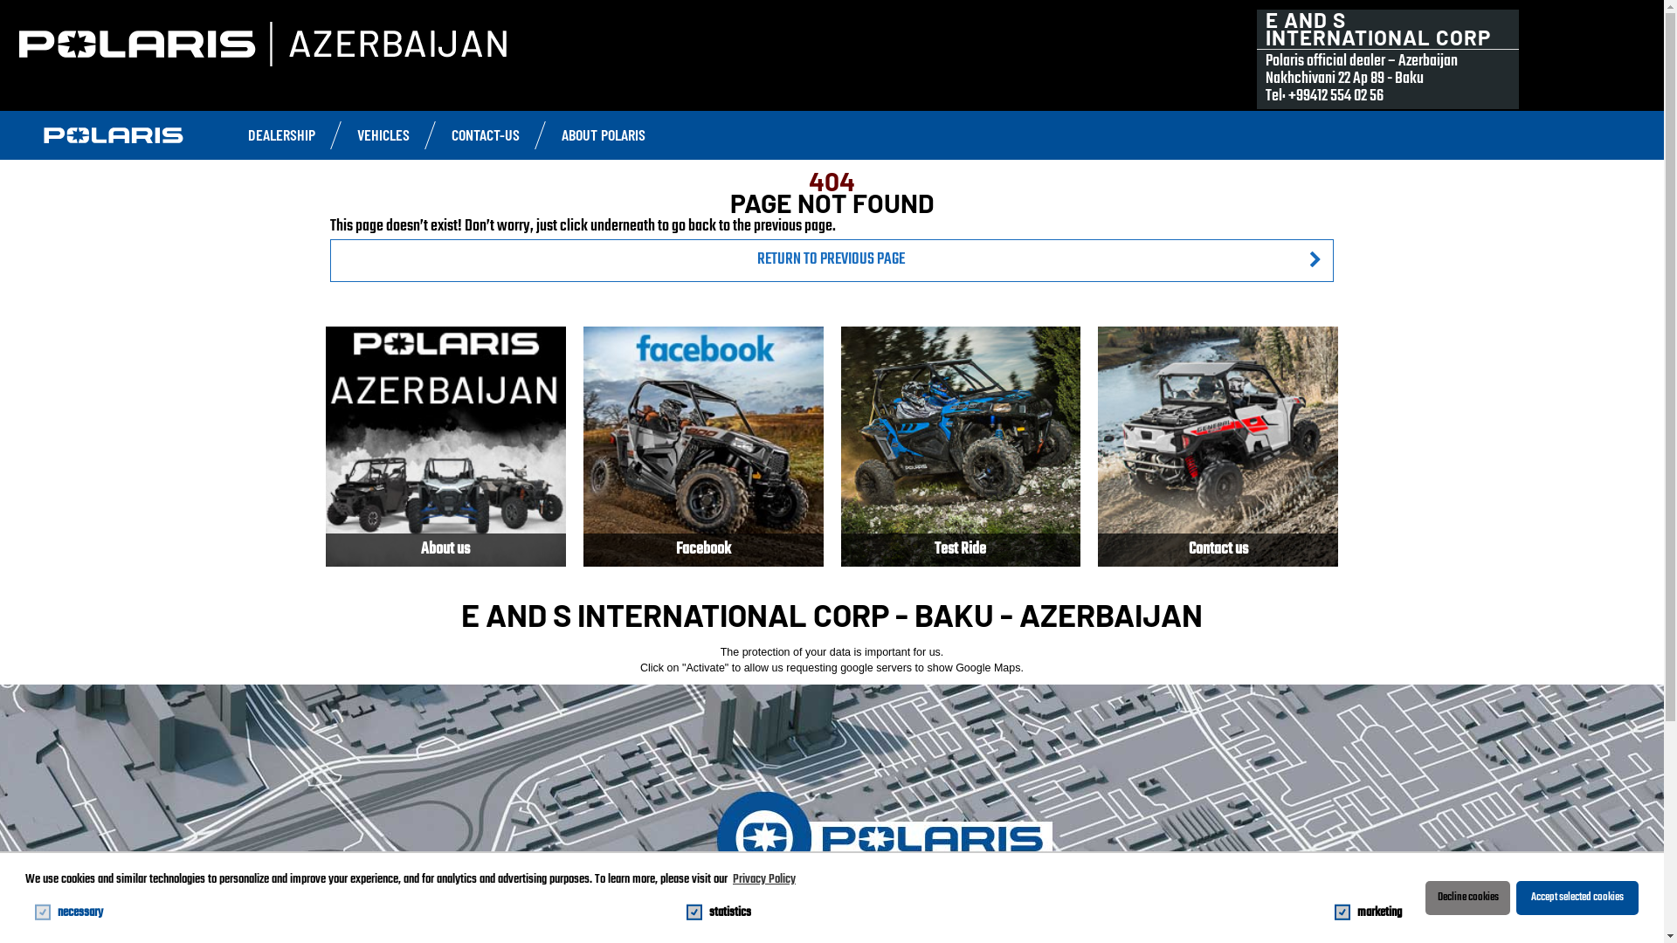 The width and height of the screenshot is (1677, 943). What do you see at coordinates (583, 445) in the screenshot?
I see `'Facebook'` at bounding box center [583, 445].